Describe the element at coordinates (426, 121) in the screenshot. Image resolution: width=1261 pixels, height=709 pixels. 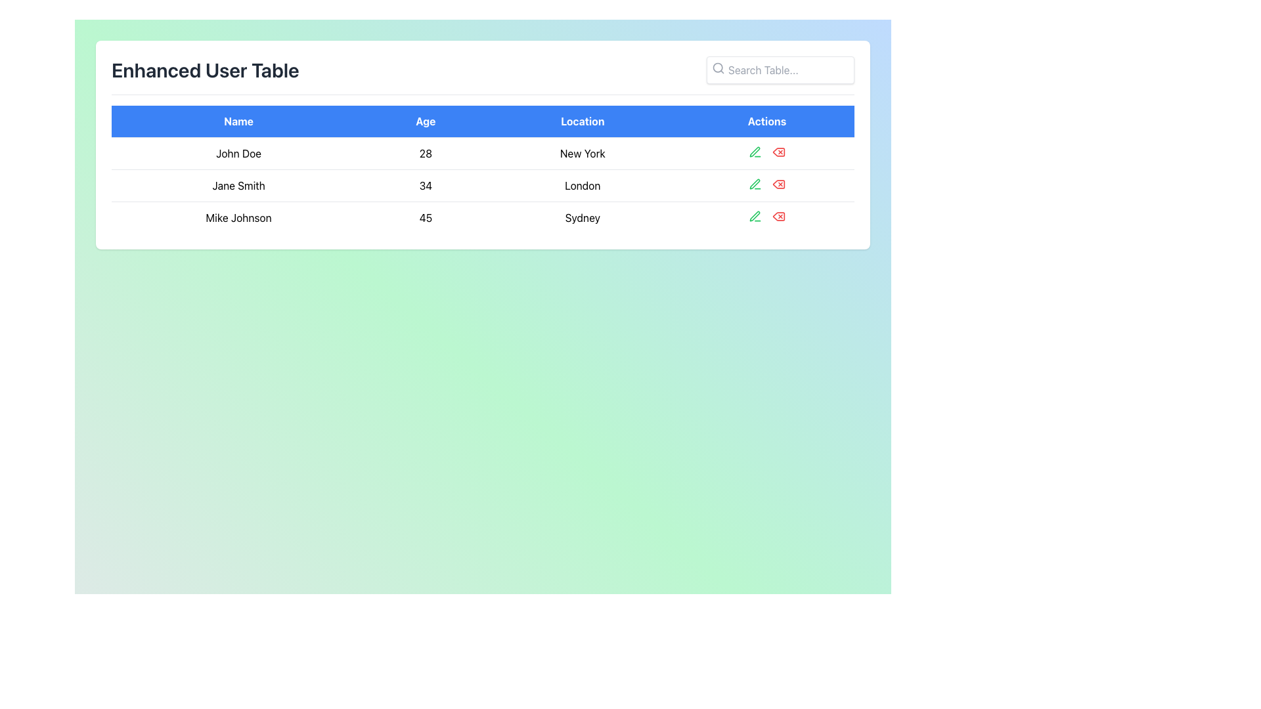
I see `the 'Age' column header in the table, which is the second column header positioned between 'Name' and 'Location'` at that location.